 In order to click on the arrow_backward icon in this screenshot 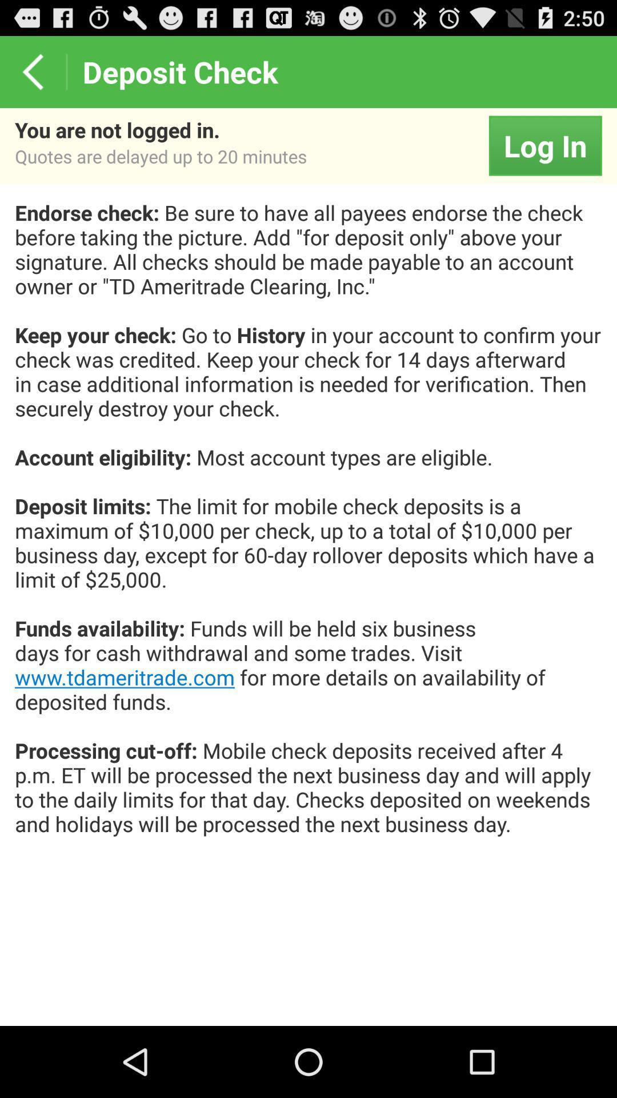, I will do `click(32, 76)`.